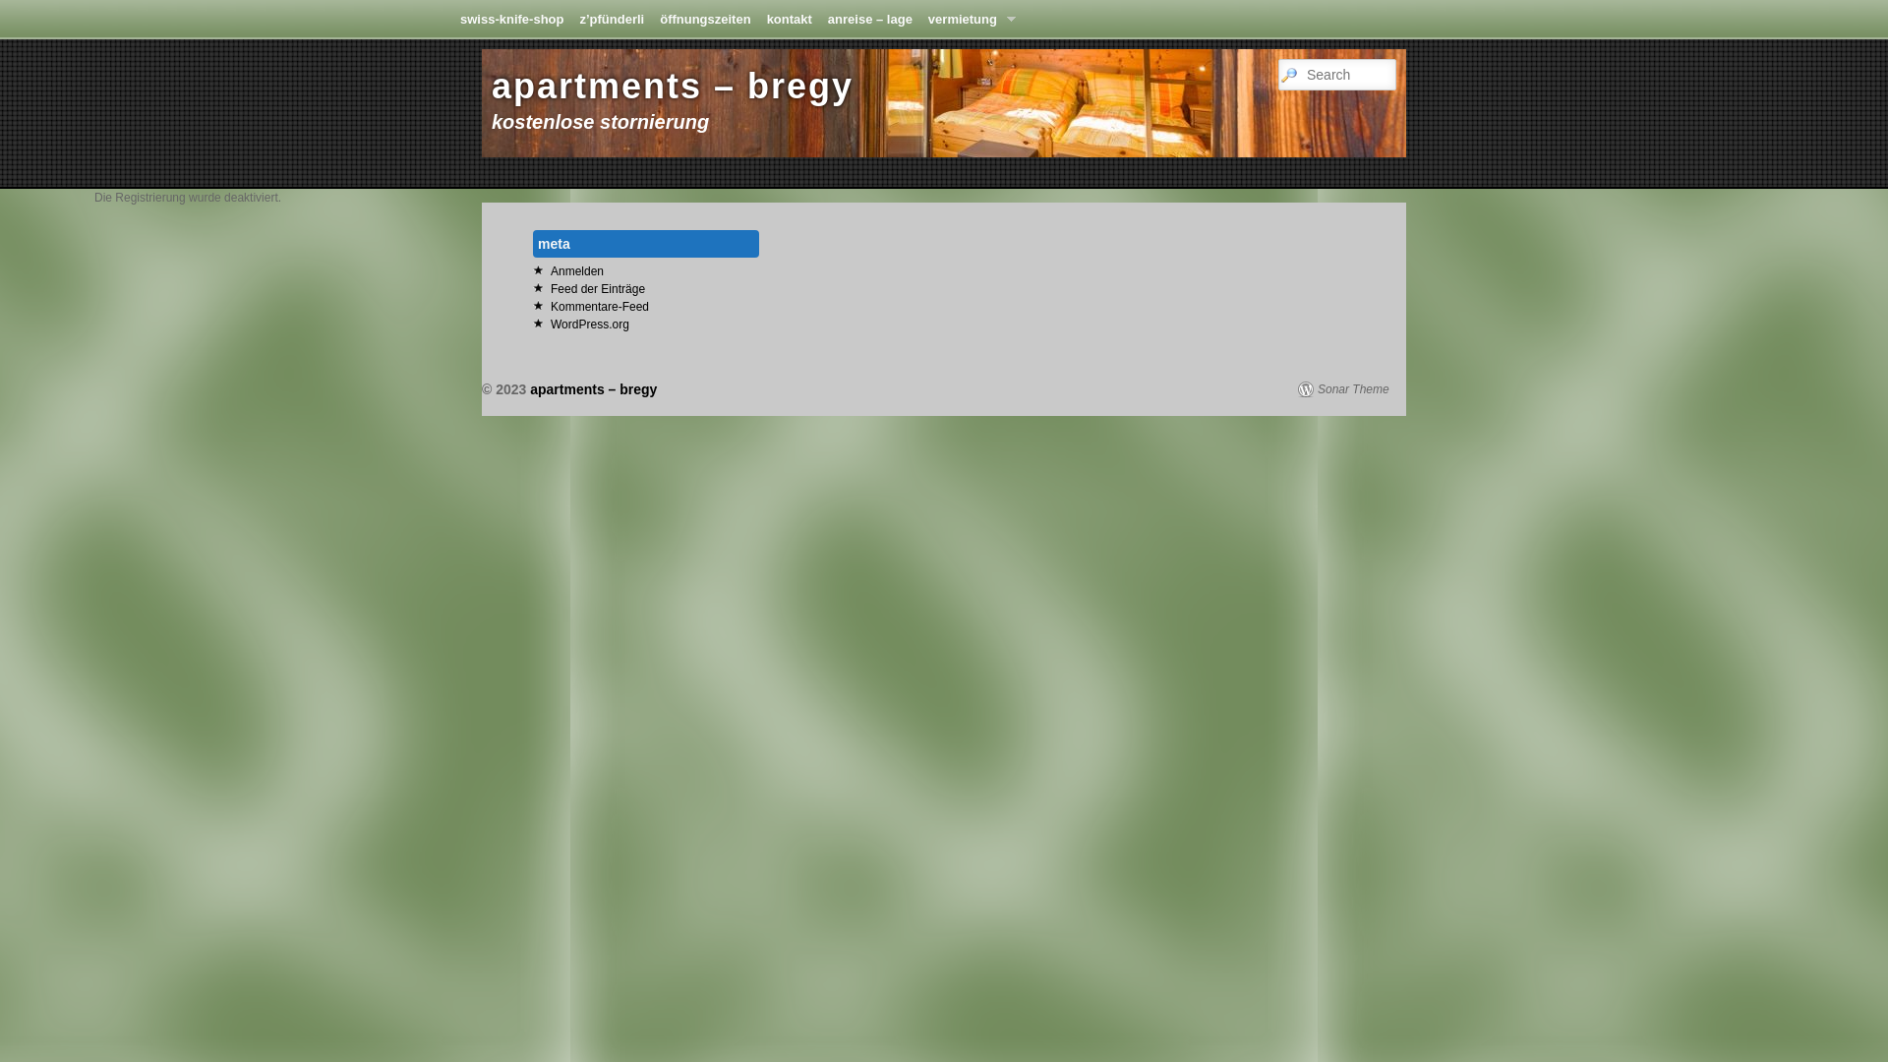 The height and width of the screenshot is (1062, 1888). I want to click on 'kontakt', so click(789, 19).